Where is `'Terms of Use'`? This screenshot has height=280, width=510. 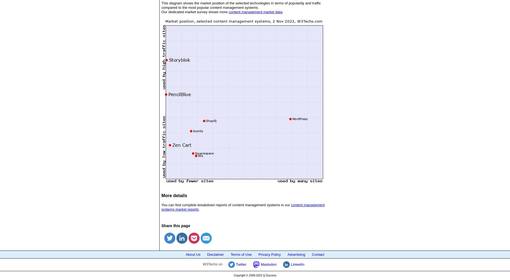 'Terms of Use' is located at coordinates (241, 254).